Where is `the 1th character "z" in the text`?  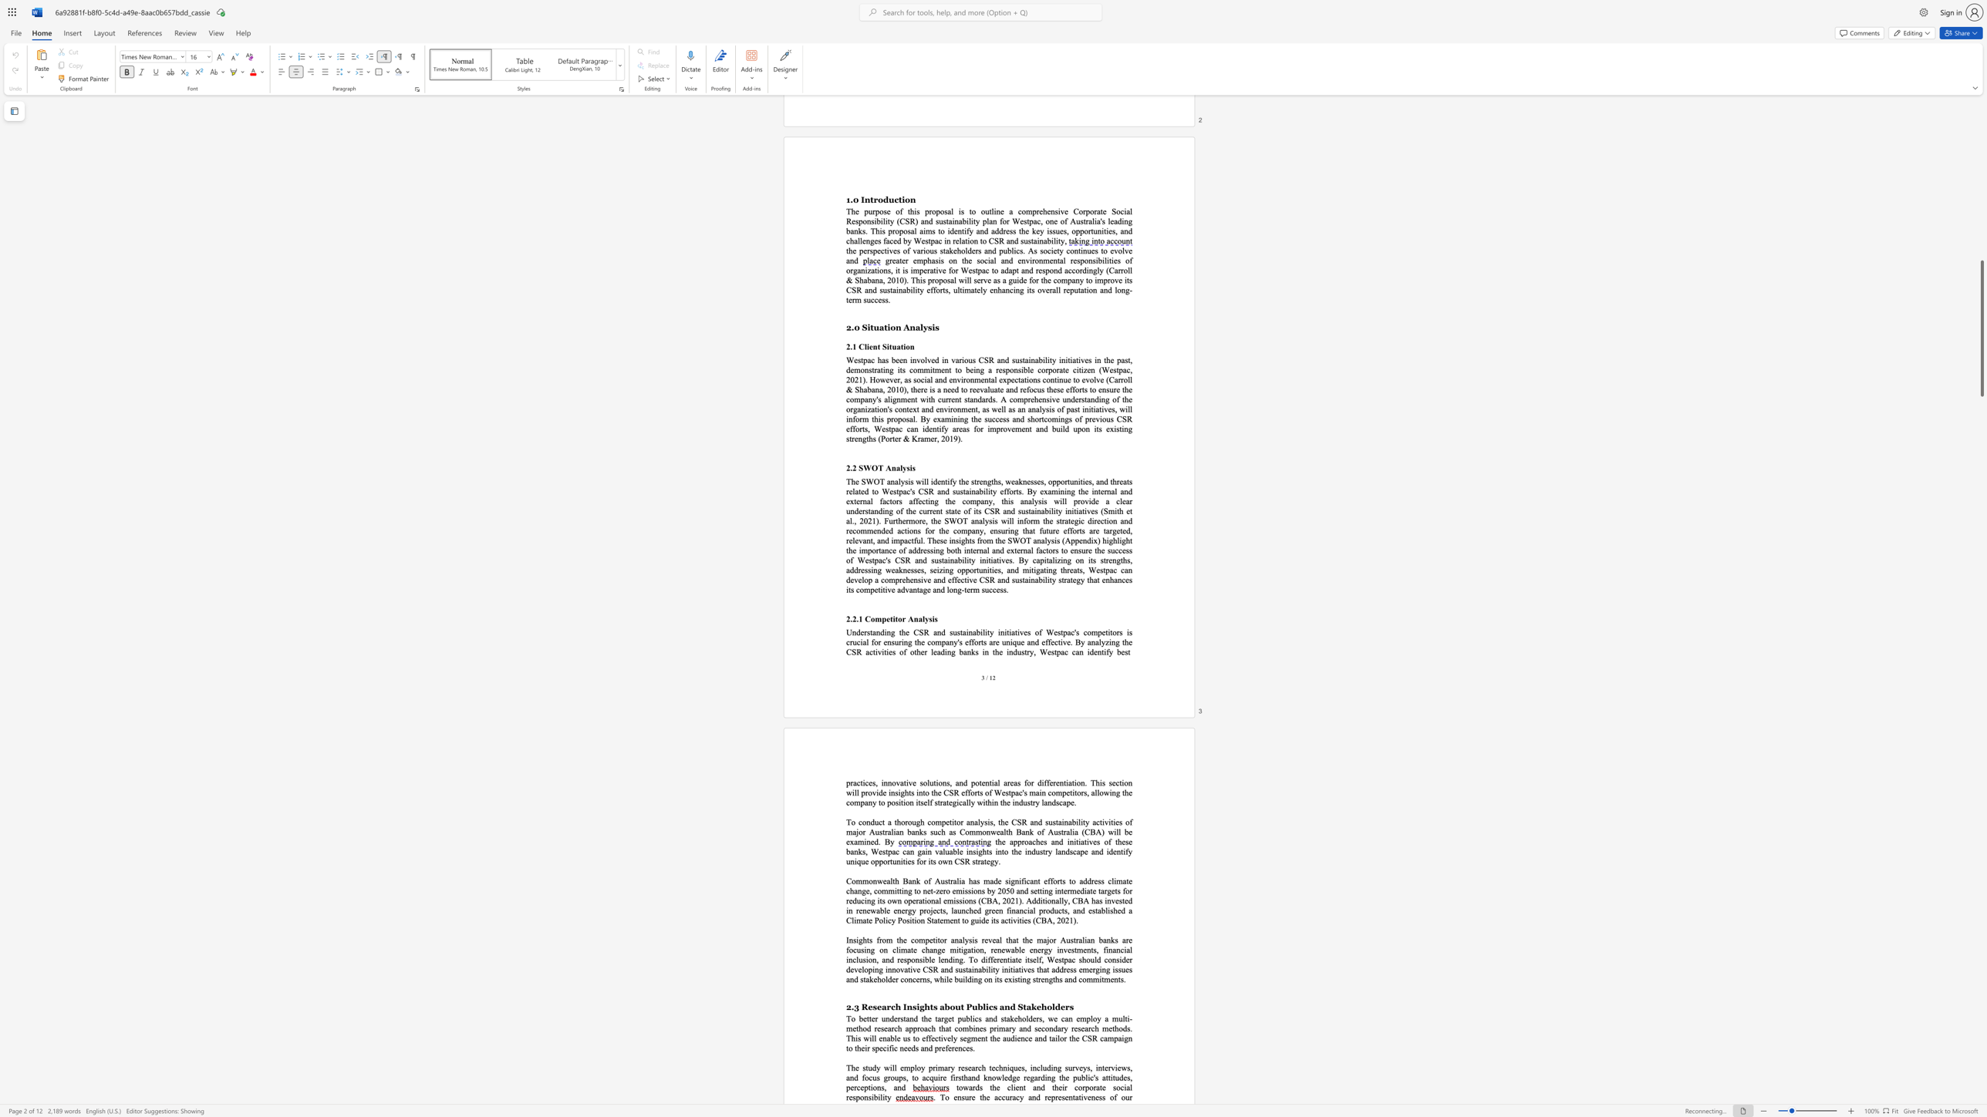
the 1th character "z" in the text is located at coordinates (1107, 641).